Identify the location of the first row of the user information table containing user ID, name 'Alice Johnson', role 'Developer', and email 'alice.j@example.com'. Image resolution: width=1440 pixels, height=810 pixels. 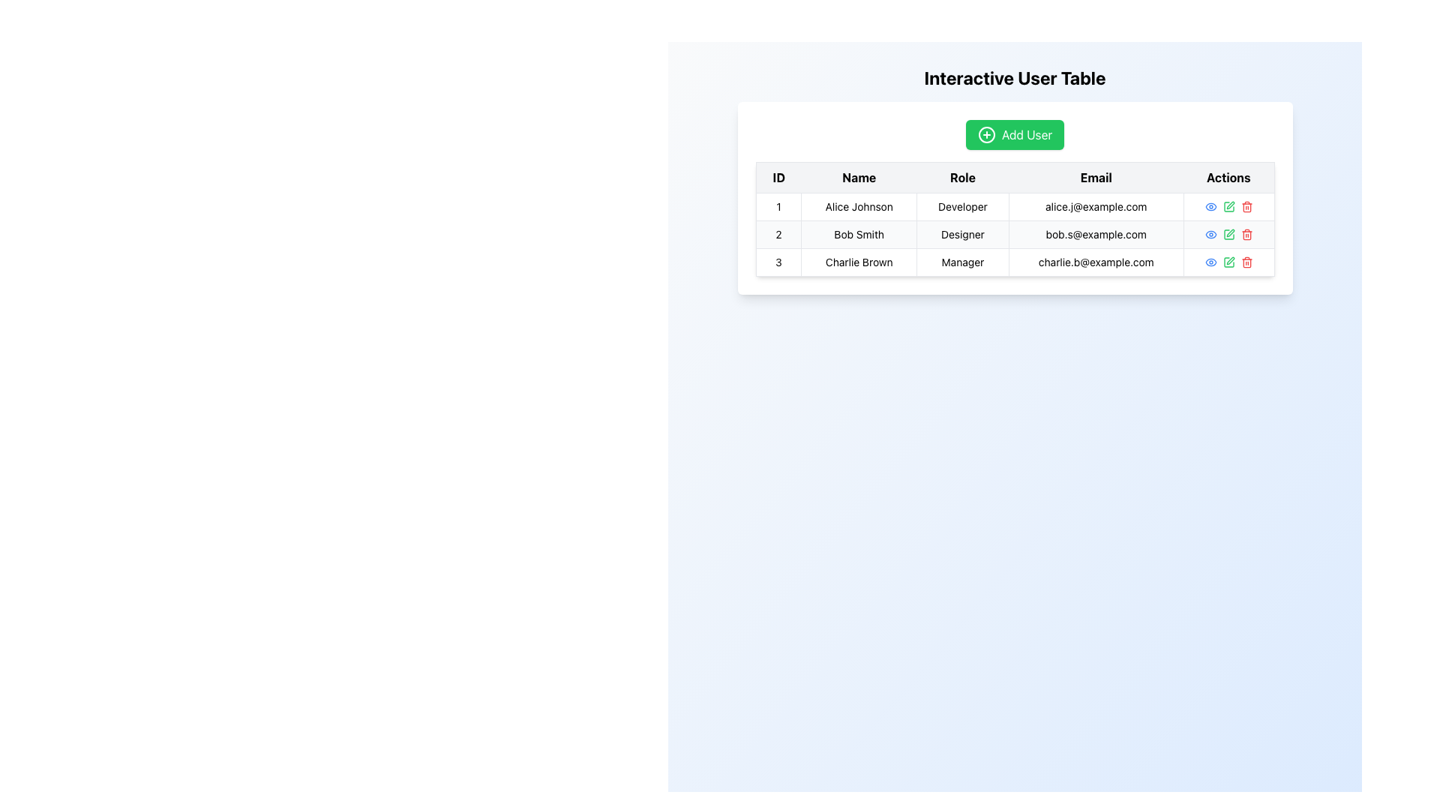
(1015, 207).